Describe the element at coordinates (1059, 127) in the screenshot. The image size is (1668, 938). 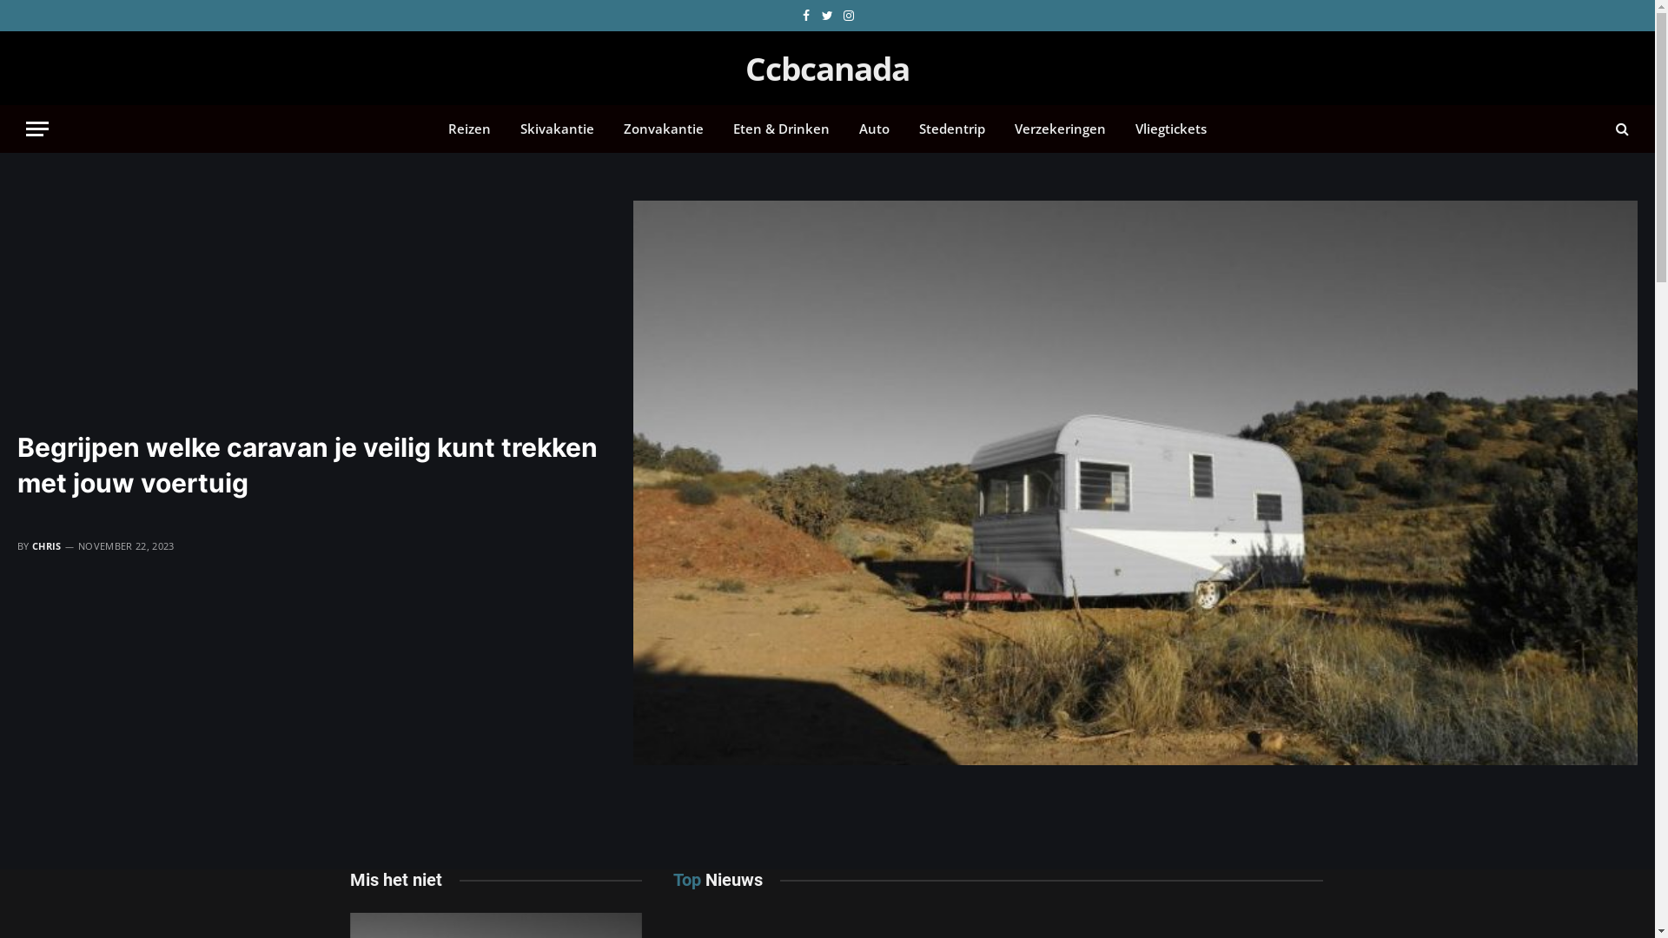
I see `'Verzekeringen'` at that location.